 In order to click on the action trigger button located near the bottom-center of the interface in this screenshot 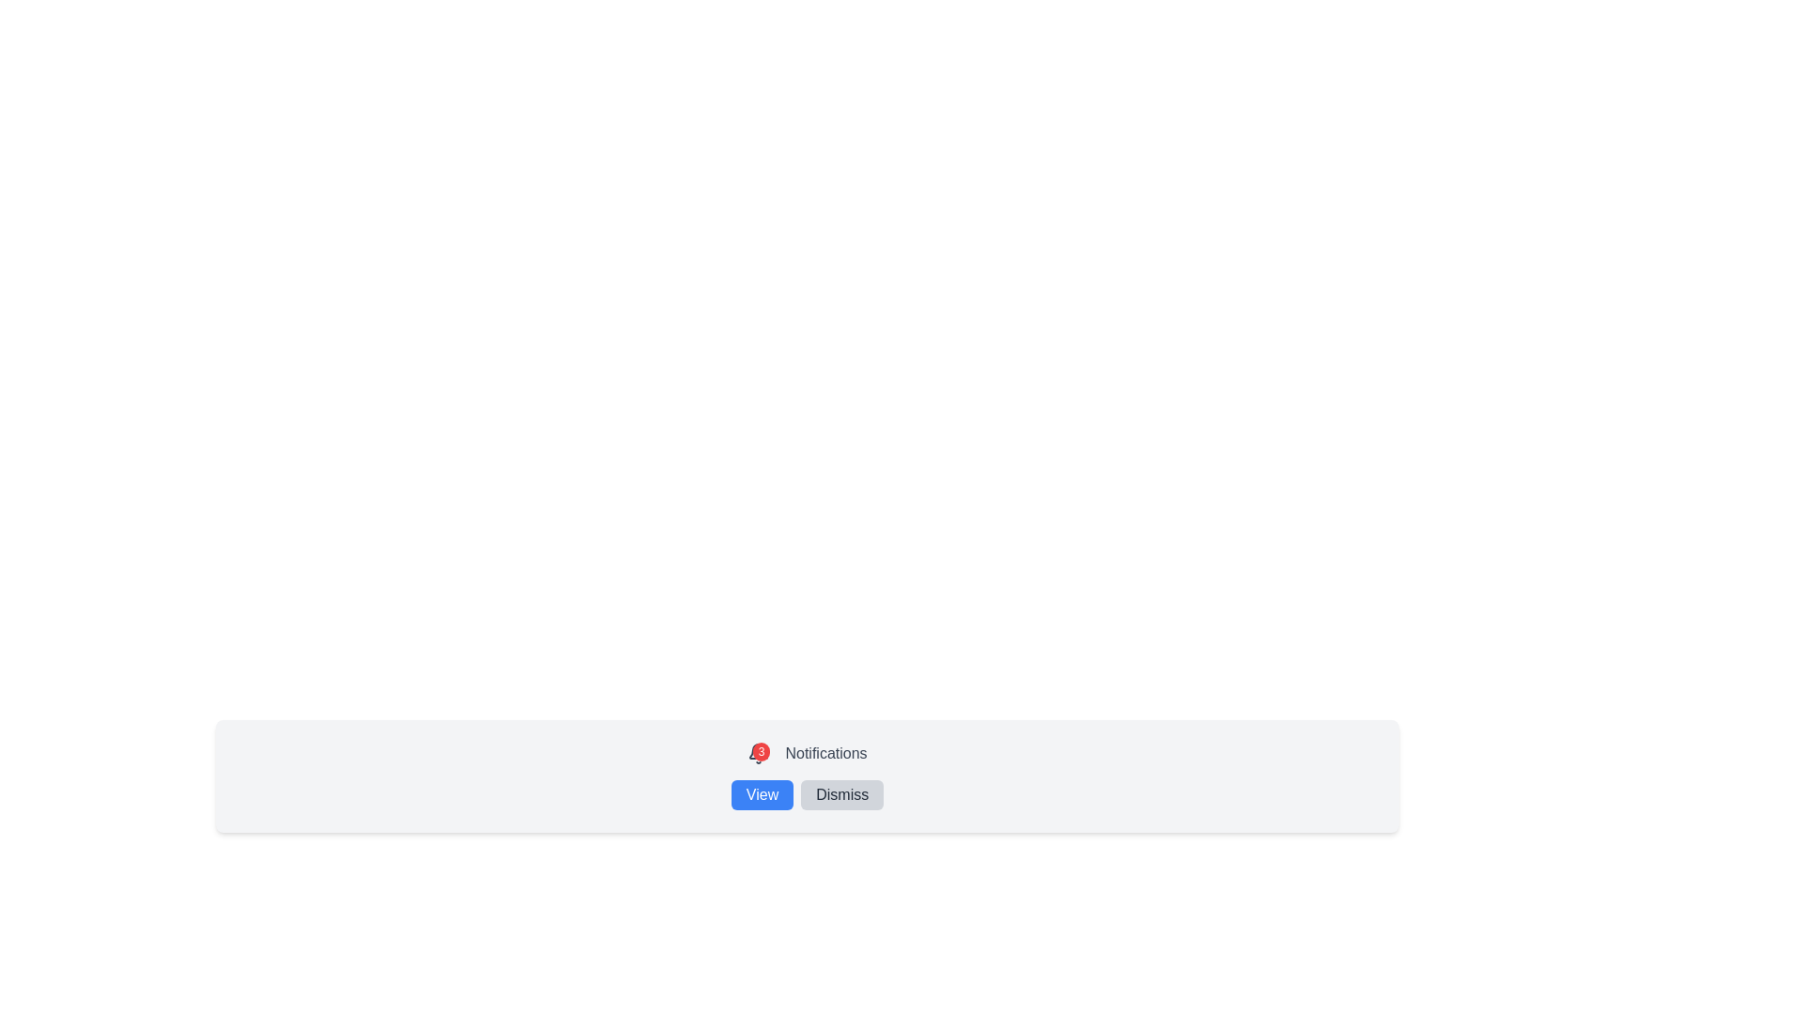, I will do `click(762, 795)`.